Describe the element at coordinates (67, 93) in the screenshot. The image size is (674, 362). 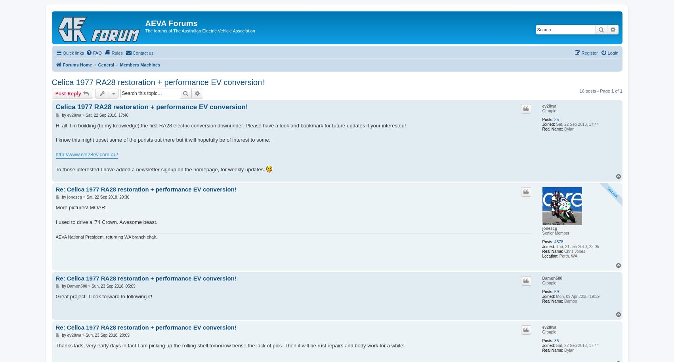
I see `'Post Reply'` at that location.